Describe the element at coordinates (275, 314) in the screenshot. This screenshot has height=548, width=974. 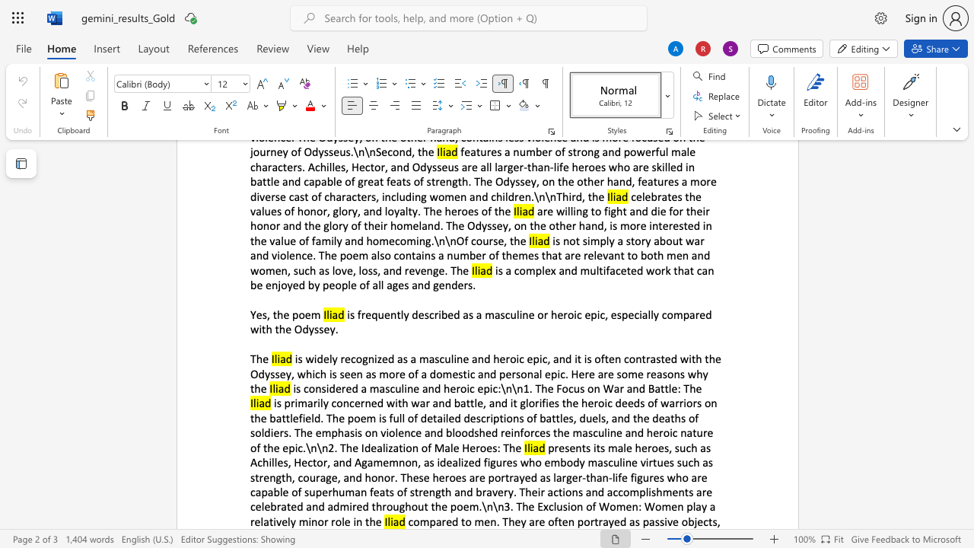
I see `the 1th character "t" in the text` at that location.